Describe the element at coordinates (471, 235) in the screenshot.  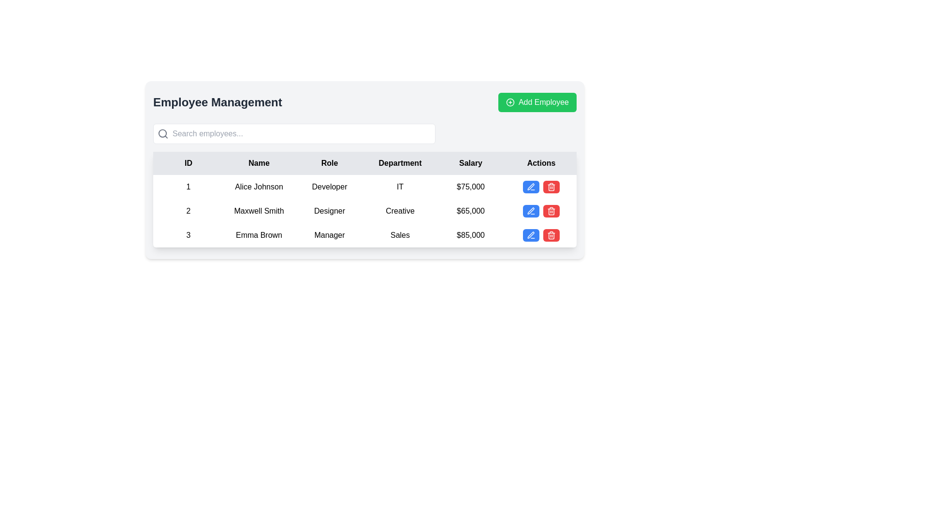
I see `the text displaying the salary '$85,000' for 'Emma Brown', which is located in the fifth column of the third row under the 'Salary' header in the table` at that location.